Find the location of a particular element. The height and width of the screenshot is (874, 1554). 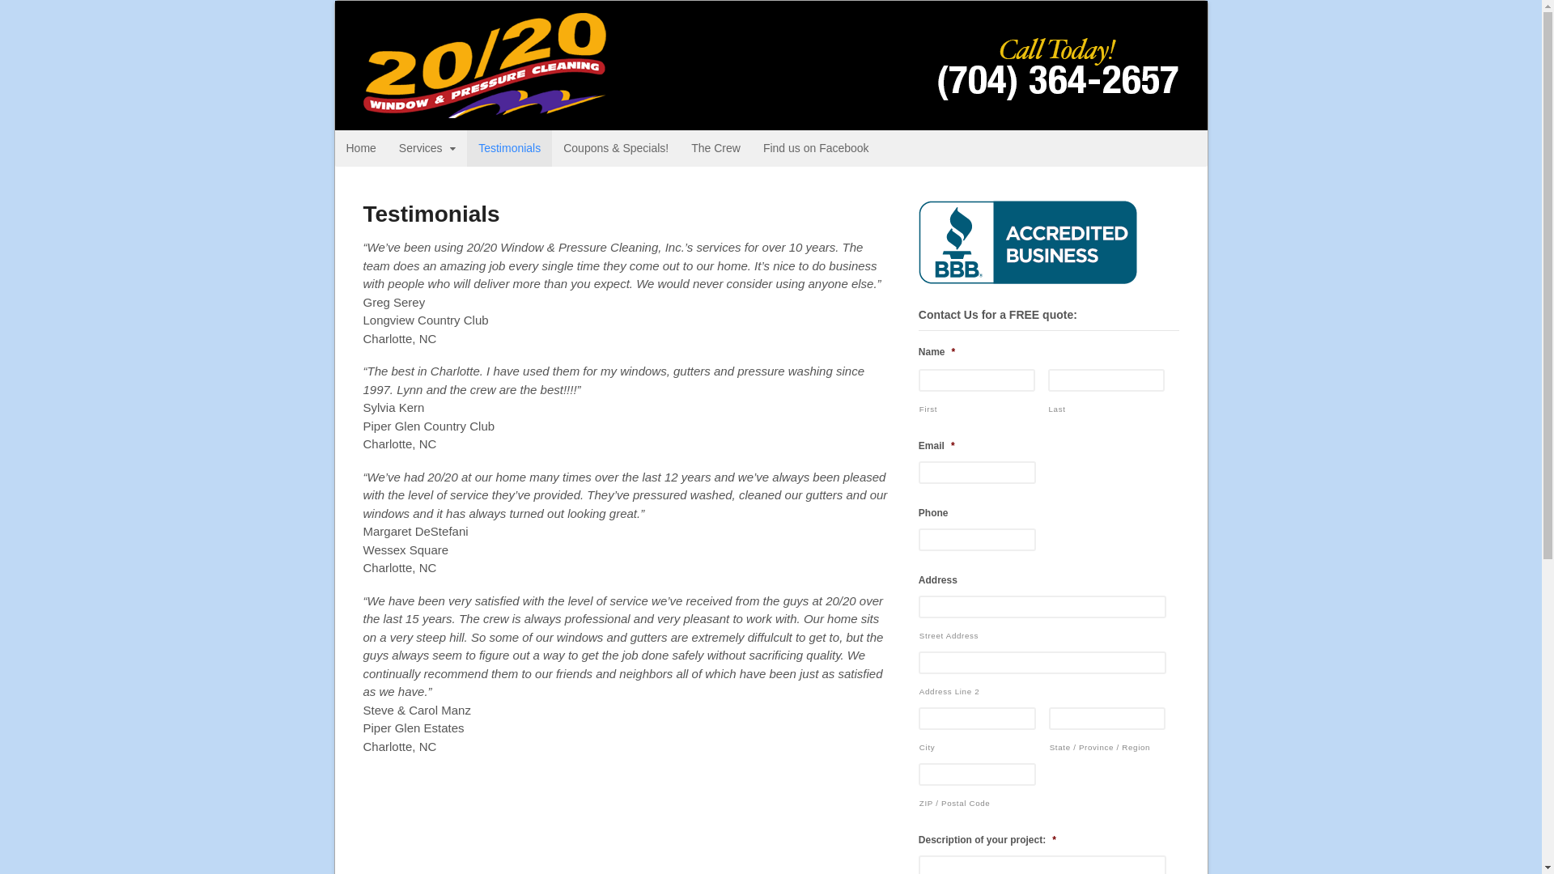

'Services' is located at coordinates (427, 148).